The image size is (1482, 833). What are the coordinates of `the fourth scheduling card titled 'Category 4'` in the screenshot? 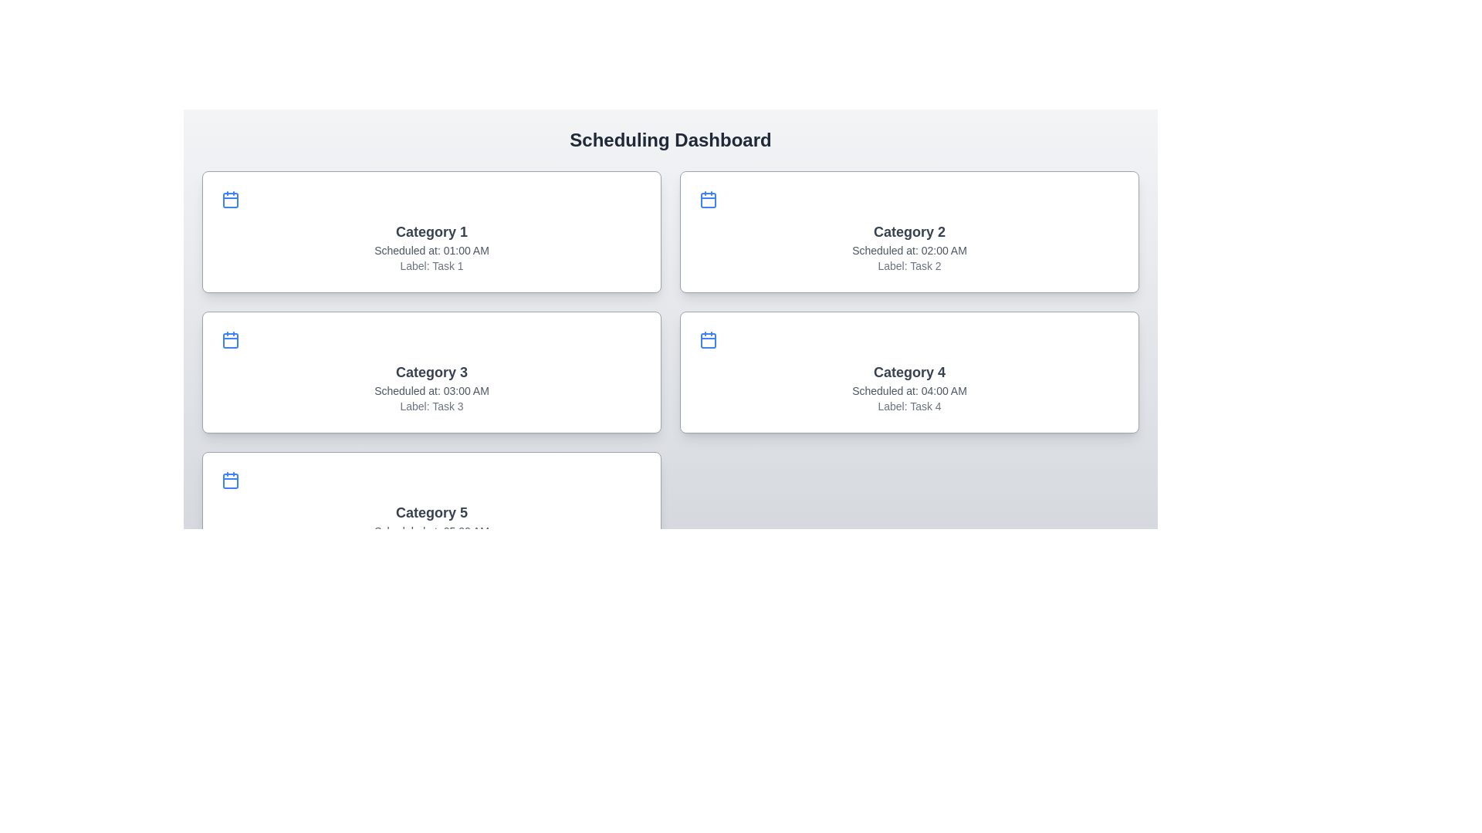 It's located at (909, 372).